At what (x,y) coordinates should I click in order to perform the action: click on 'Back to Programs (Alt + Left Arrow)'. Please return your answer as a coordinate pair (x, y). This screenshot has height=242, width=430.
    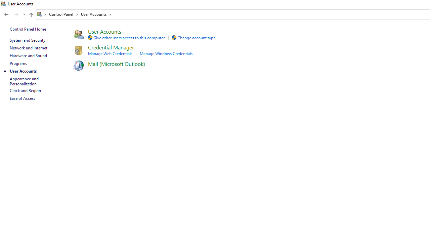
    Looking at the image, I should click on (6, 14).